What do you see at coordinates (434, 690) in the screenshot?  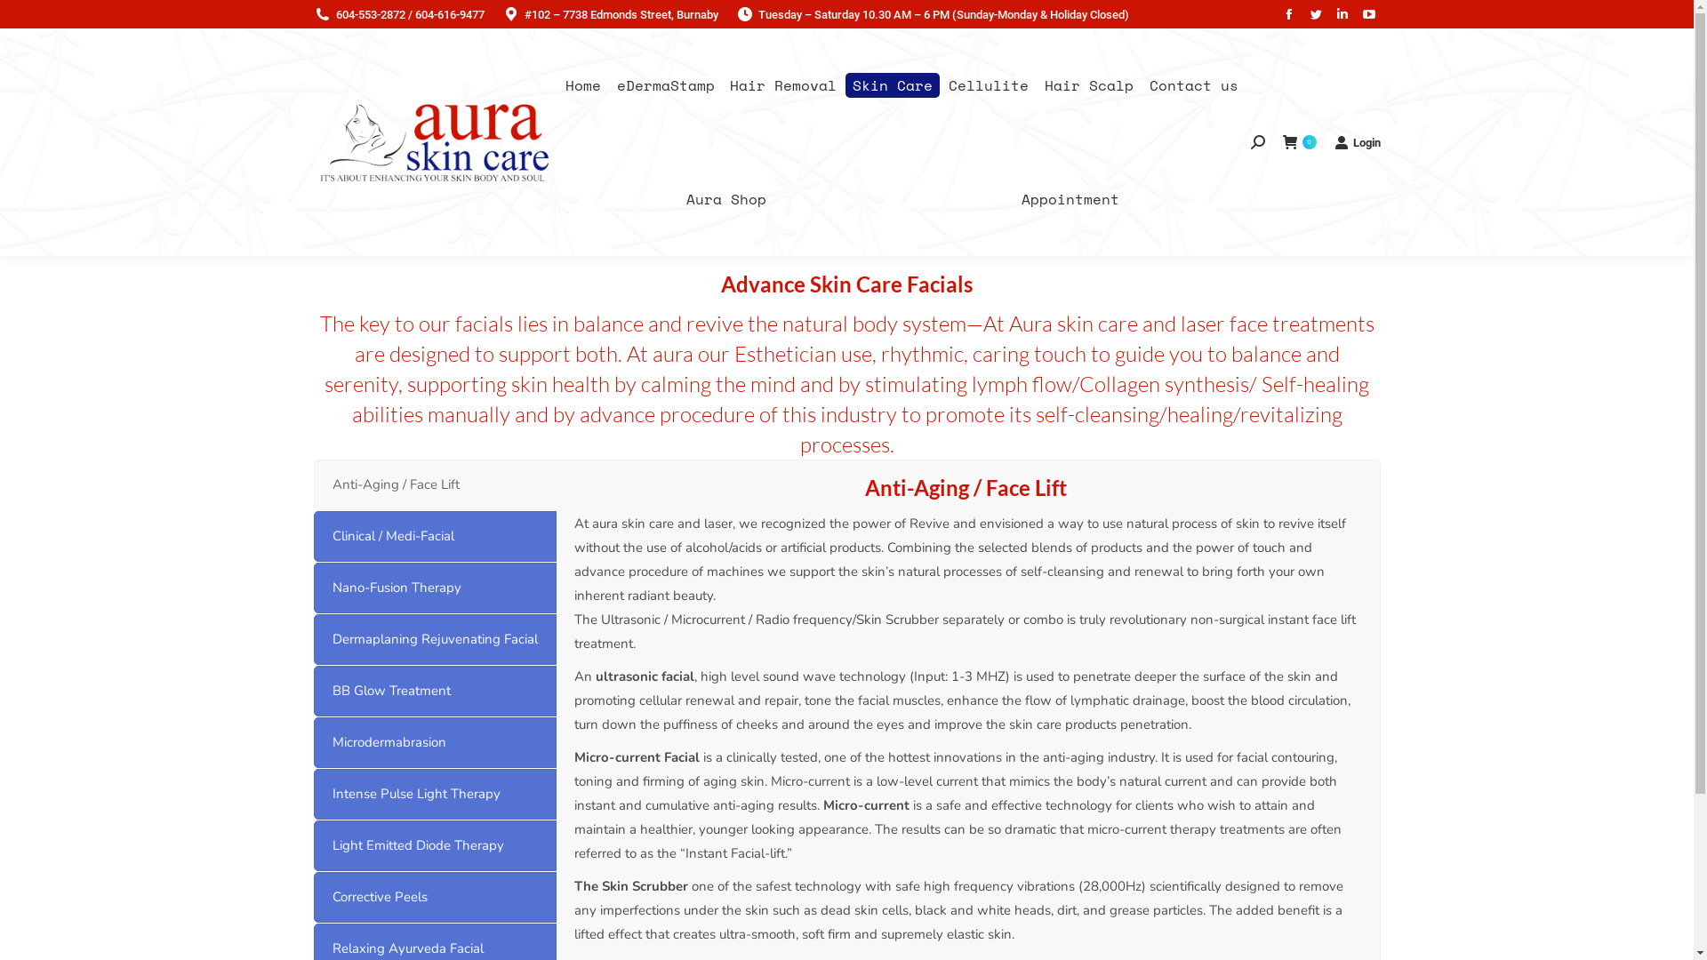 I see `'BB Glow Treatment'` at bounding box center [434, 690].